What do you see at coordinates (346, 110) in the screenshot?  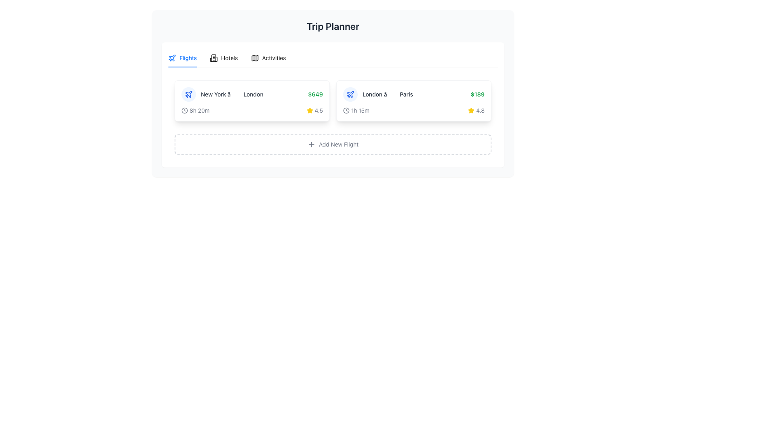 I see `the outer circle of the clock icon representing time-related information within the flight card between London and Paris` at bounding box center [346, 110].